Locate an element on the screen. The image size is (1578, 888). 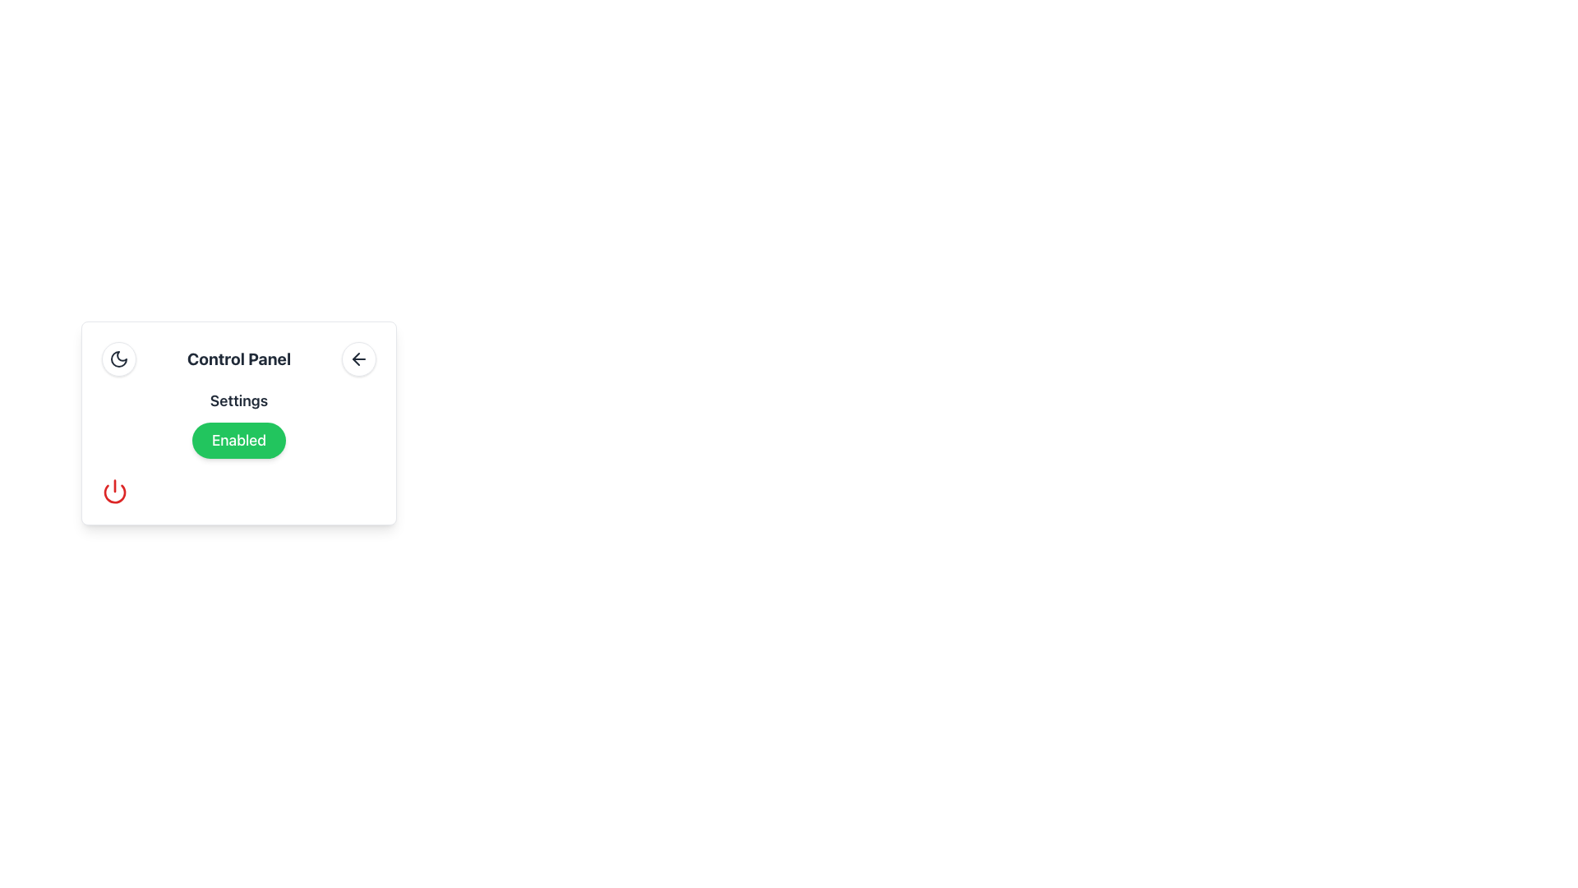
the navigation button located in the top-right corner of the 'Control Panel' interface card is located at coordinates (358, 358).